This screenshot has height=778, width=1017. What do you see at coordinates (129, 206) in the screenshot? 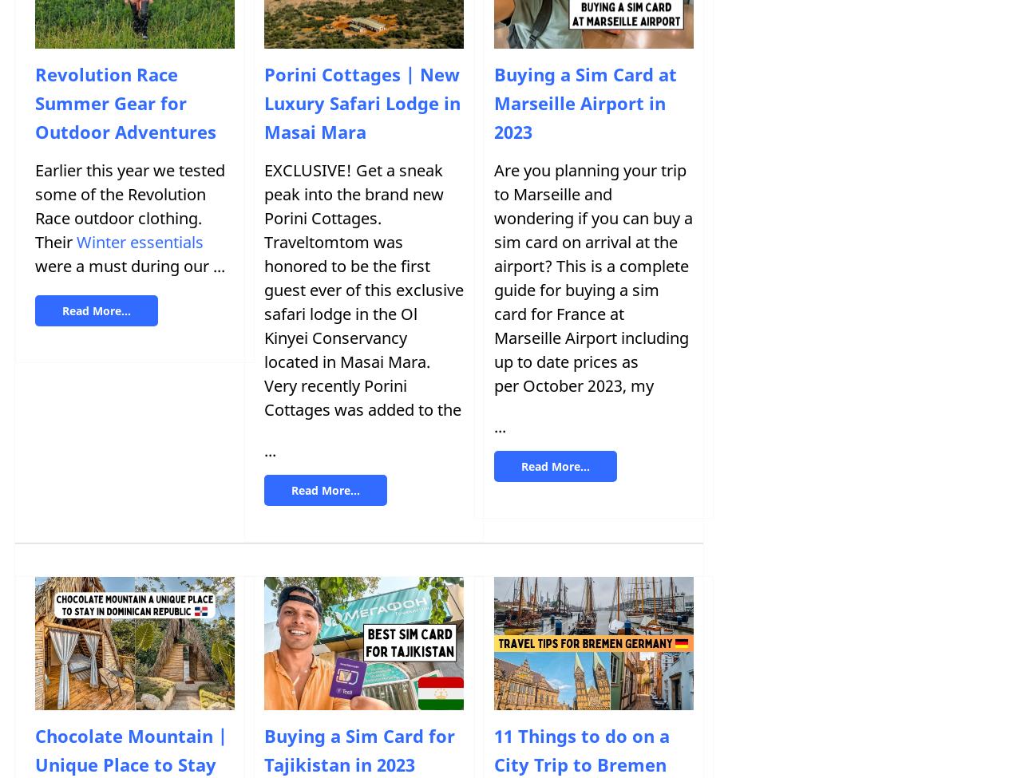
I see `'Earlier this year we tested some of the Revolution Race outdoor clothing. Their'` at bounding box center [129, 206].